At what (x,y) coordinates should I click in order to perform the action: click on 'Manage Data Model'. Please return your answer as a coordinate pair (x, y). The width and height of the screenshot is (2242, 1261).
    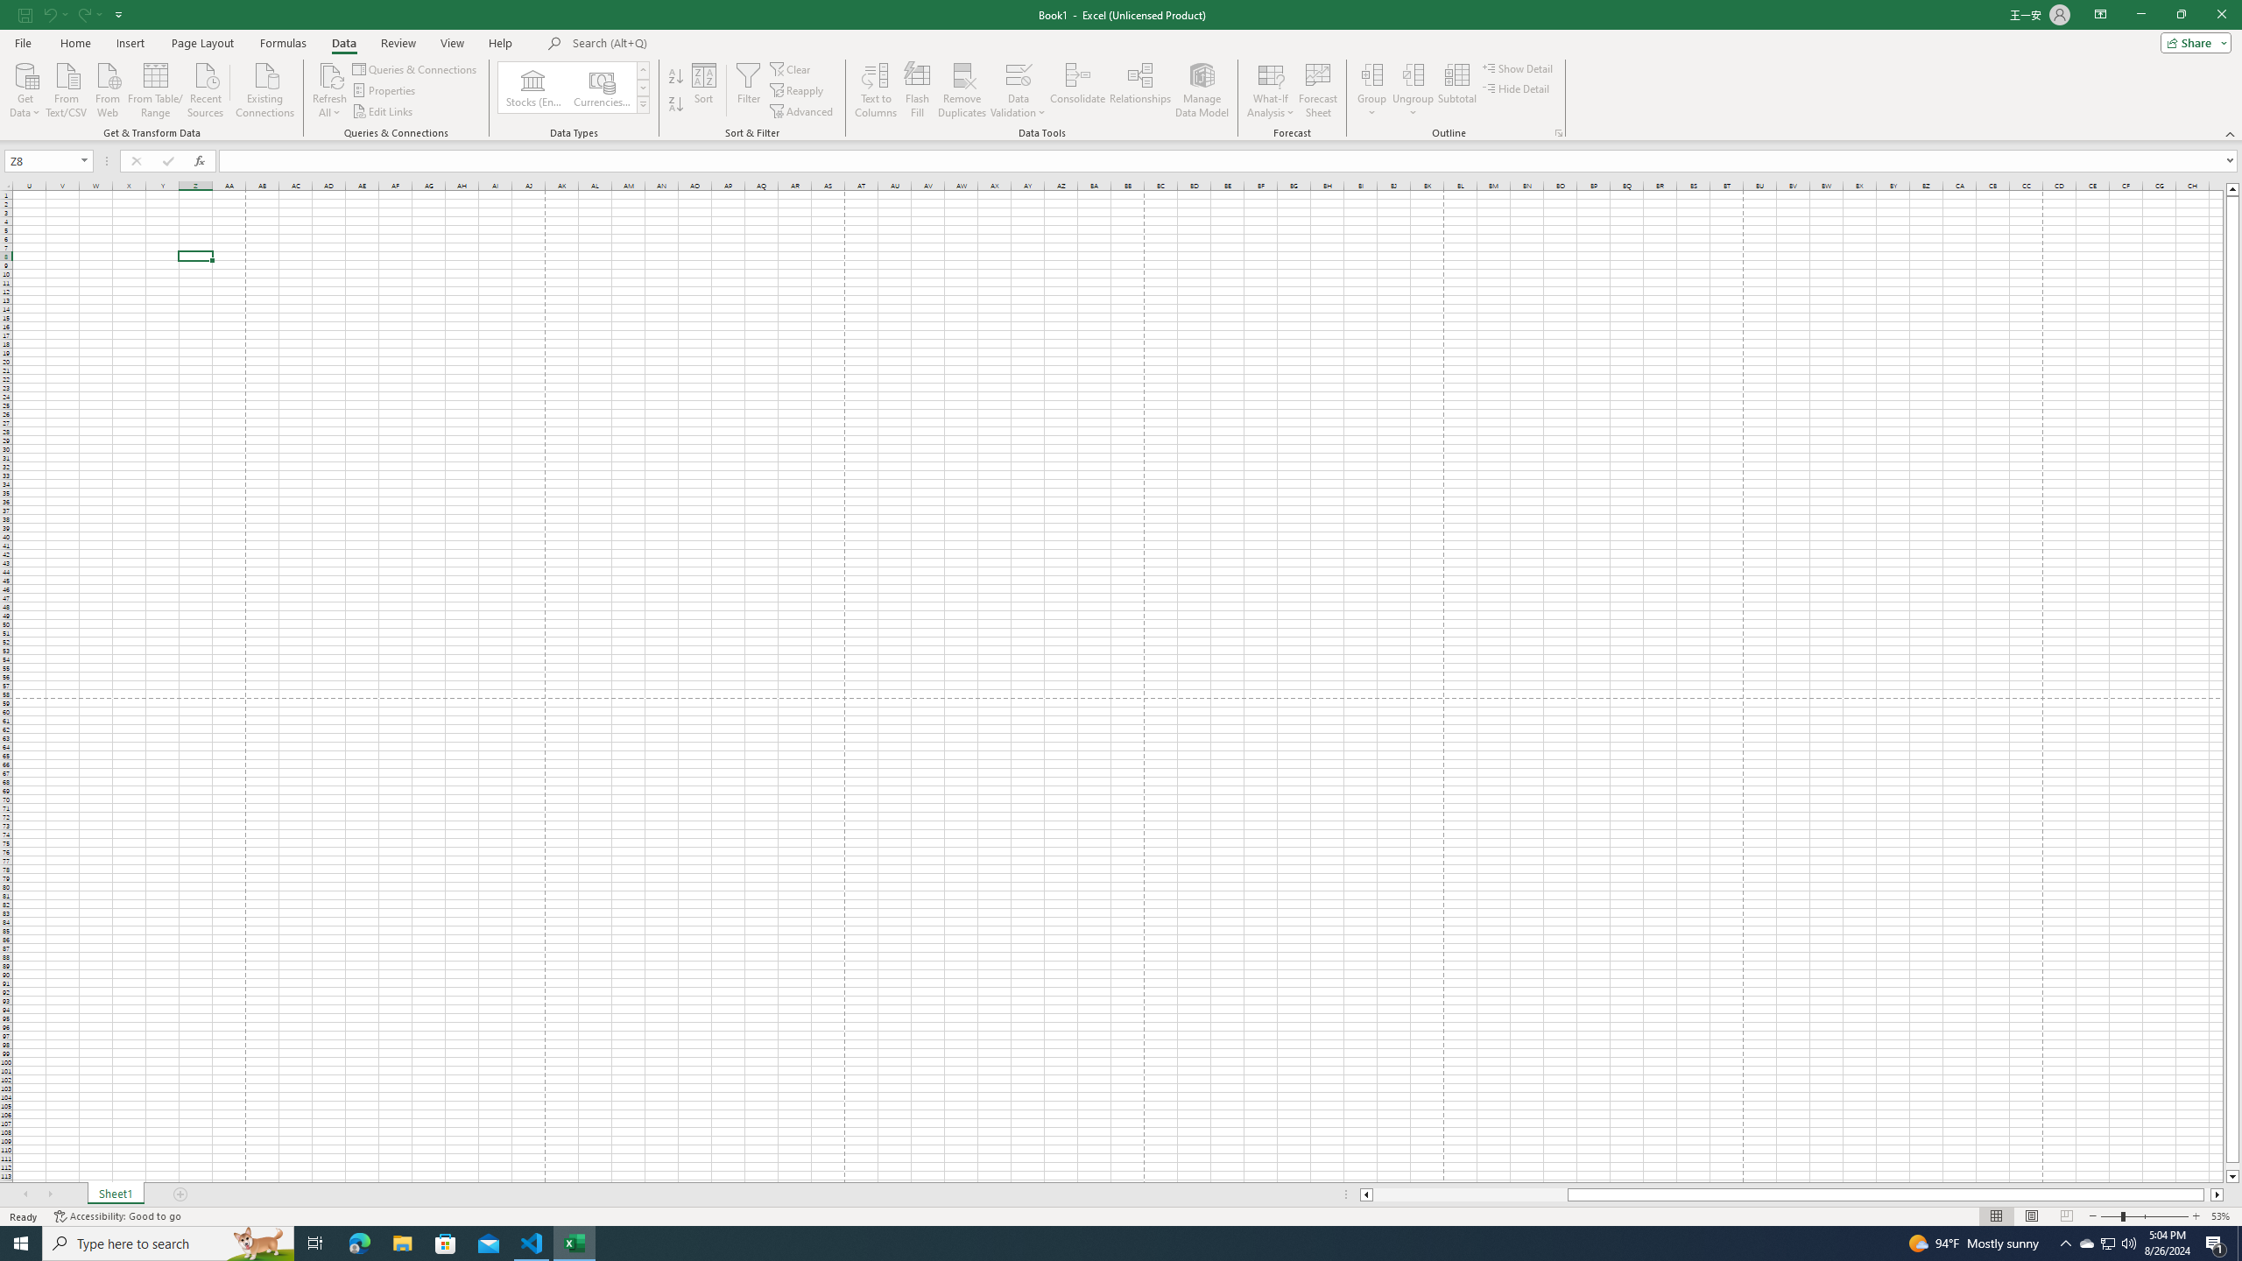
    Looking at the image, I should click on (1201, 90).